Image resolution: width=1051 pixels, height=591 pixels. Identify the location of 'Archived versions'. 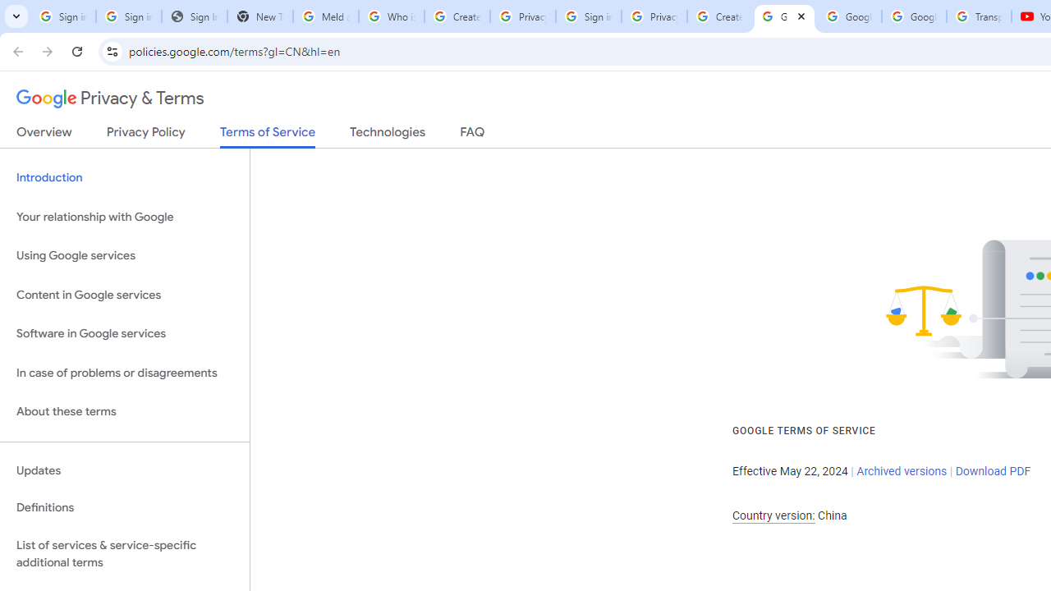
(901, 471).